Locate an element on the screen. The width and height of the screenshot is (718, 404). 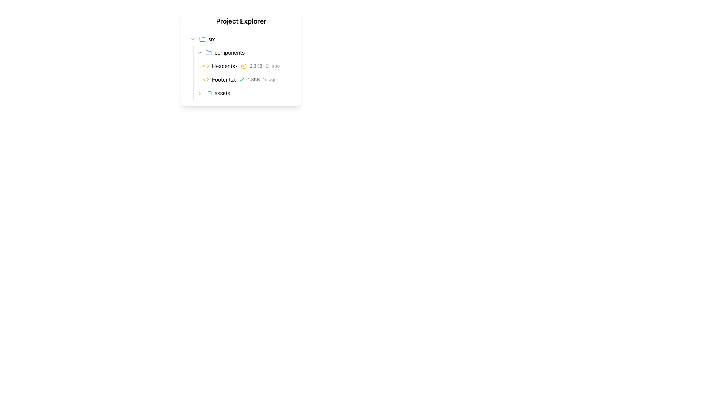
the 'Footer.tsx' file entry is located at coordinates (248, 79).